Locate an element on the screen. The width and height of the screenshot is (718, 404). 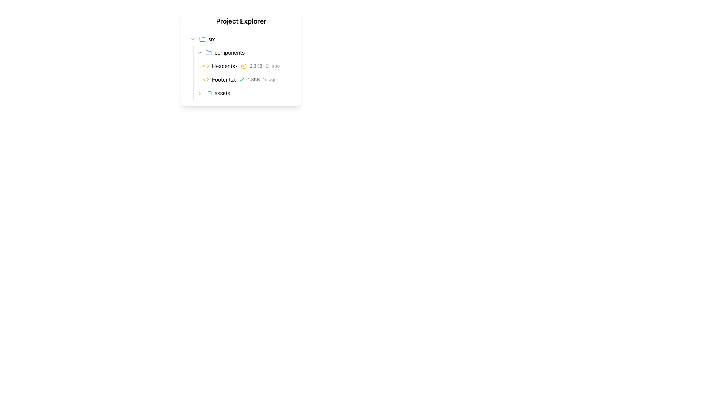
the 'Footer.tsx' file entry is located at coordinates (248, 79).